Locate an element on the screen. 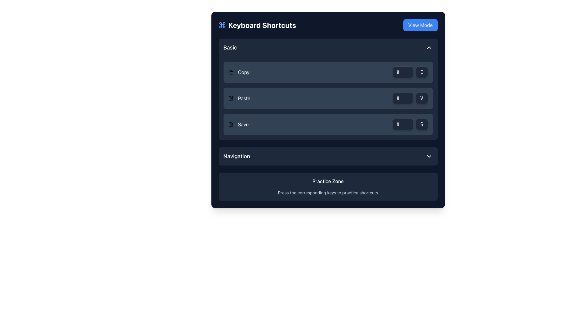 The height and width of the screenshot is (328, 584). the 'Paste' text label with a pen and paper icon located in the second row of the 'Basic' options in the 'Keyboard Shortcuts' panel is located at coordinates (239, 98).